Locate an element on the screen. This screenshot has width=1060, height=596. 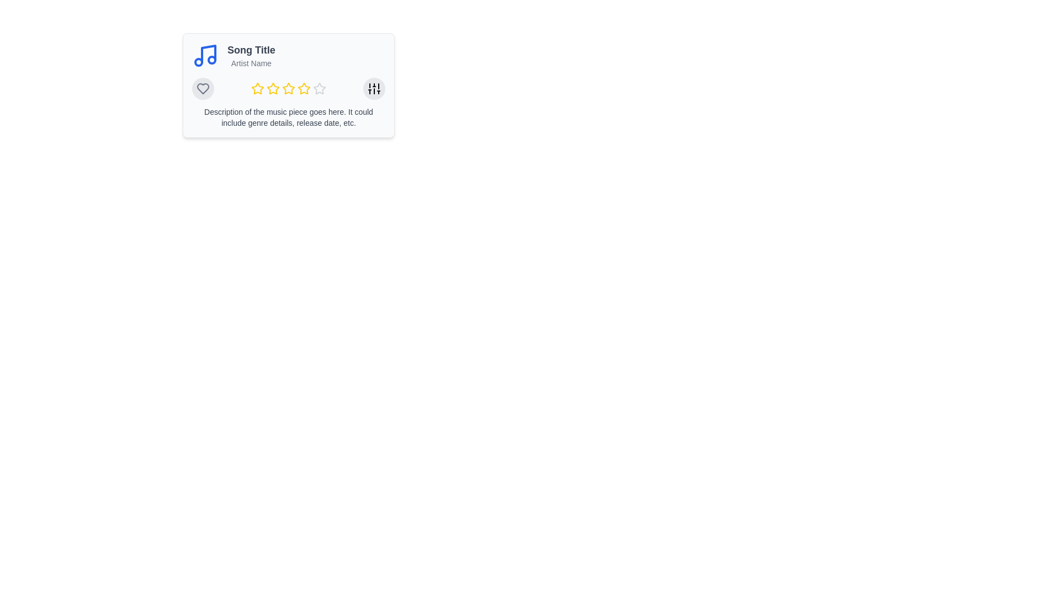
the second star icon from the left is located at coordinates (257, 88).